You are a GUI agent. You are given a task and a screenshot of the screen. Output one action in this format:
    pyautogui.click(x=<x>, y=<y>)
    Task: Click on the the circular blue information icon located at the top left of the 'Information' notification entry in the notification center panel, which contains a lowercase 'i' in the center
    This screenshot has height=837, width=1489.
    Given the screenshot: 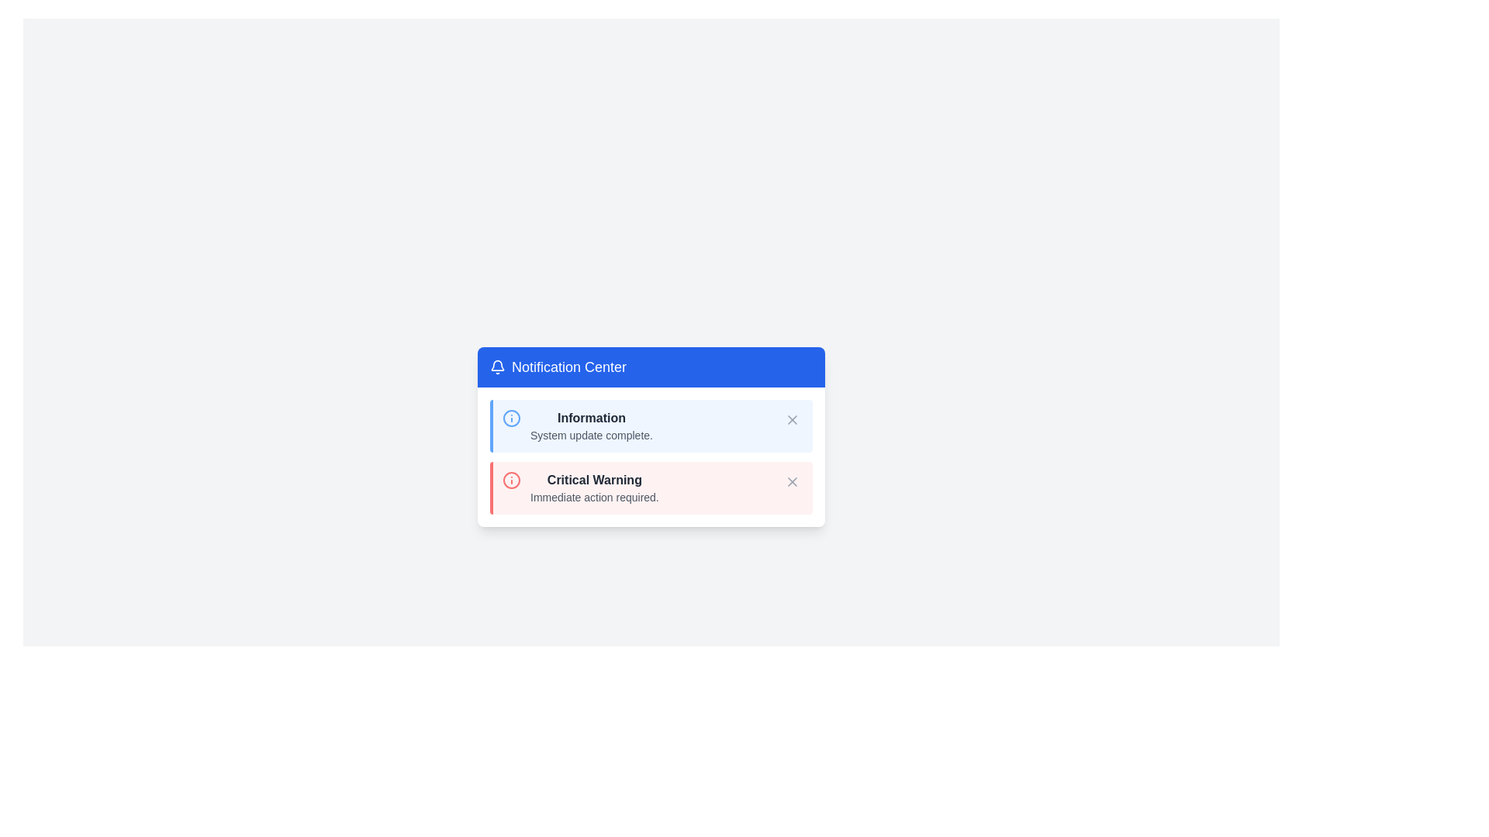 What is the action you would take?
    pyautogui.click(x=512, y=418)
    